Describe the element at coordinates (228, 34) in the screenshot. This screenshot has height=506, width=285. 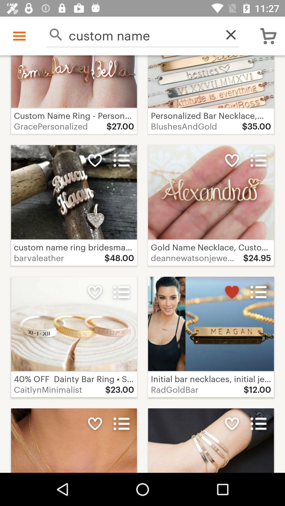
I see `icon next to the custom name icon` at that location.